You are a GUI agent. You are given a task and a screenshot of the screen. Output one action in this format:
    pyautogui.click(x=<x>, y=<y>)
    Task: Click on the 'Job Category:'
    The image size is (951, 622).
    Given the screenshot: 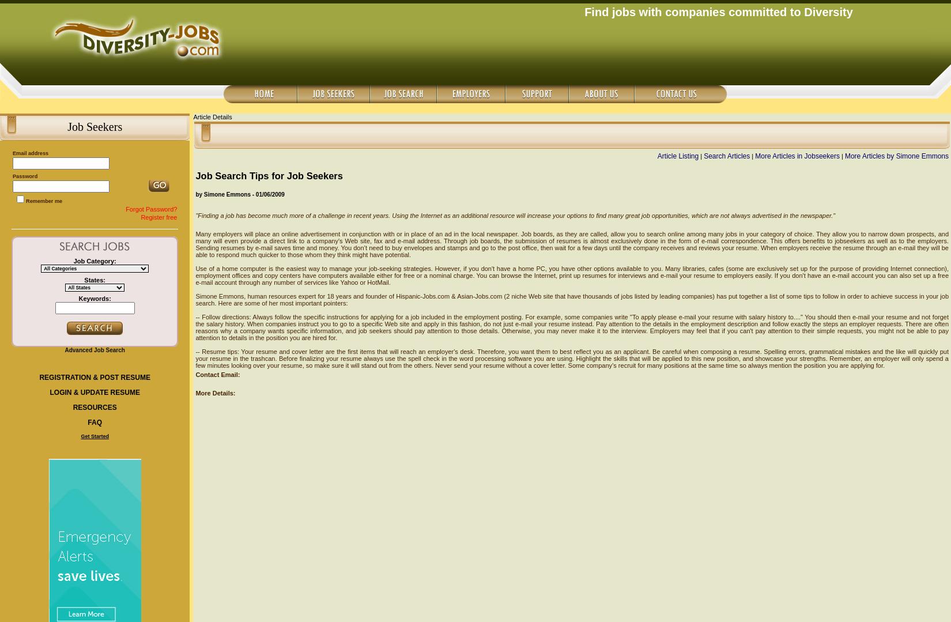 What is the action you would take?
    pyautogui.click(x=95, y=261)
    